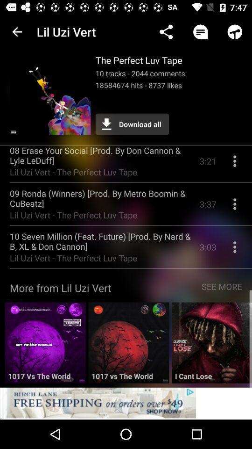  What do you see at coordinates (128, 346) in the screenshot?
I see `open 1017 vs the world` at bounding box center [128, 346].